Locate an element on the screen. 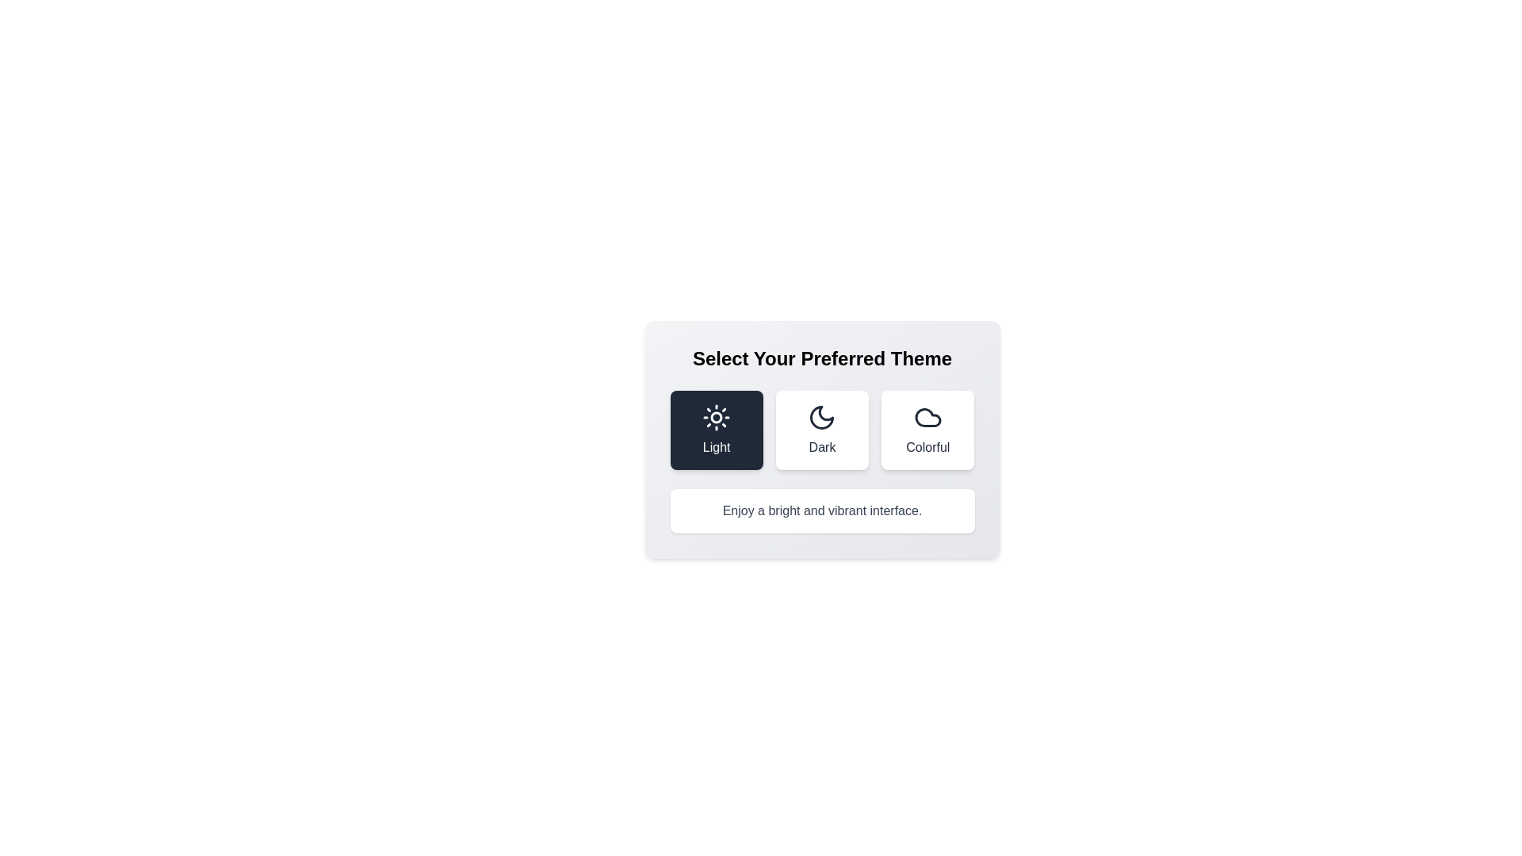  the Light button to select the corresponding theme is located at coordinates (716, 430).